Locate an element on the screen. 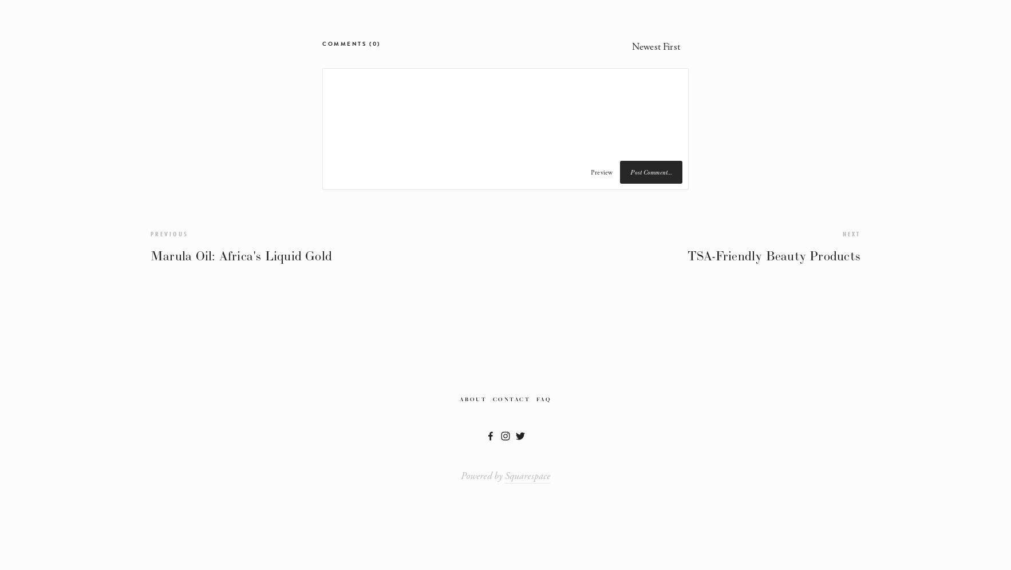 The image size is (1011, 570). 'Previous' is located at coordinates (168, 233).